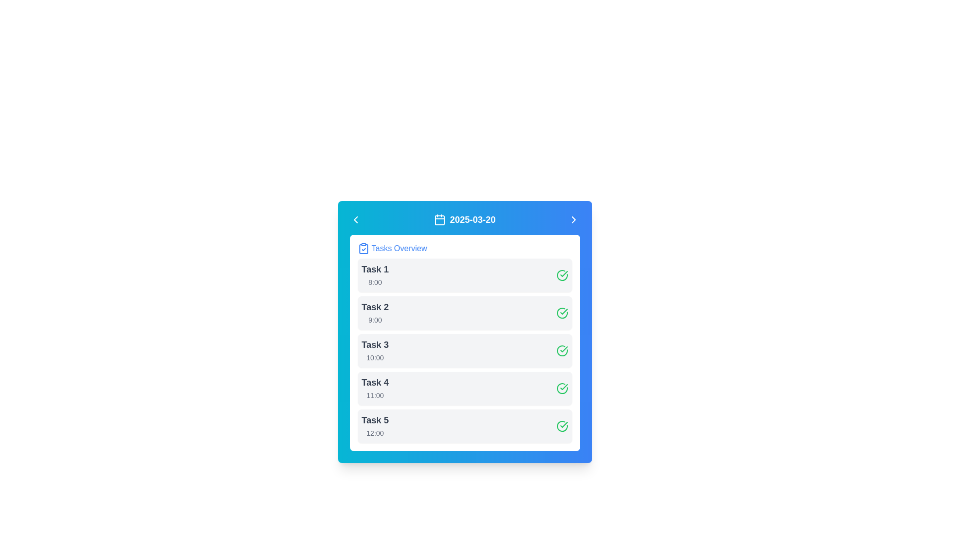  I want to click on text label displaying the time '10:00' in gray color, which is positioned below 'Task 3' in the task list, so click(374, 358).